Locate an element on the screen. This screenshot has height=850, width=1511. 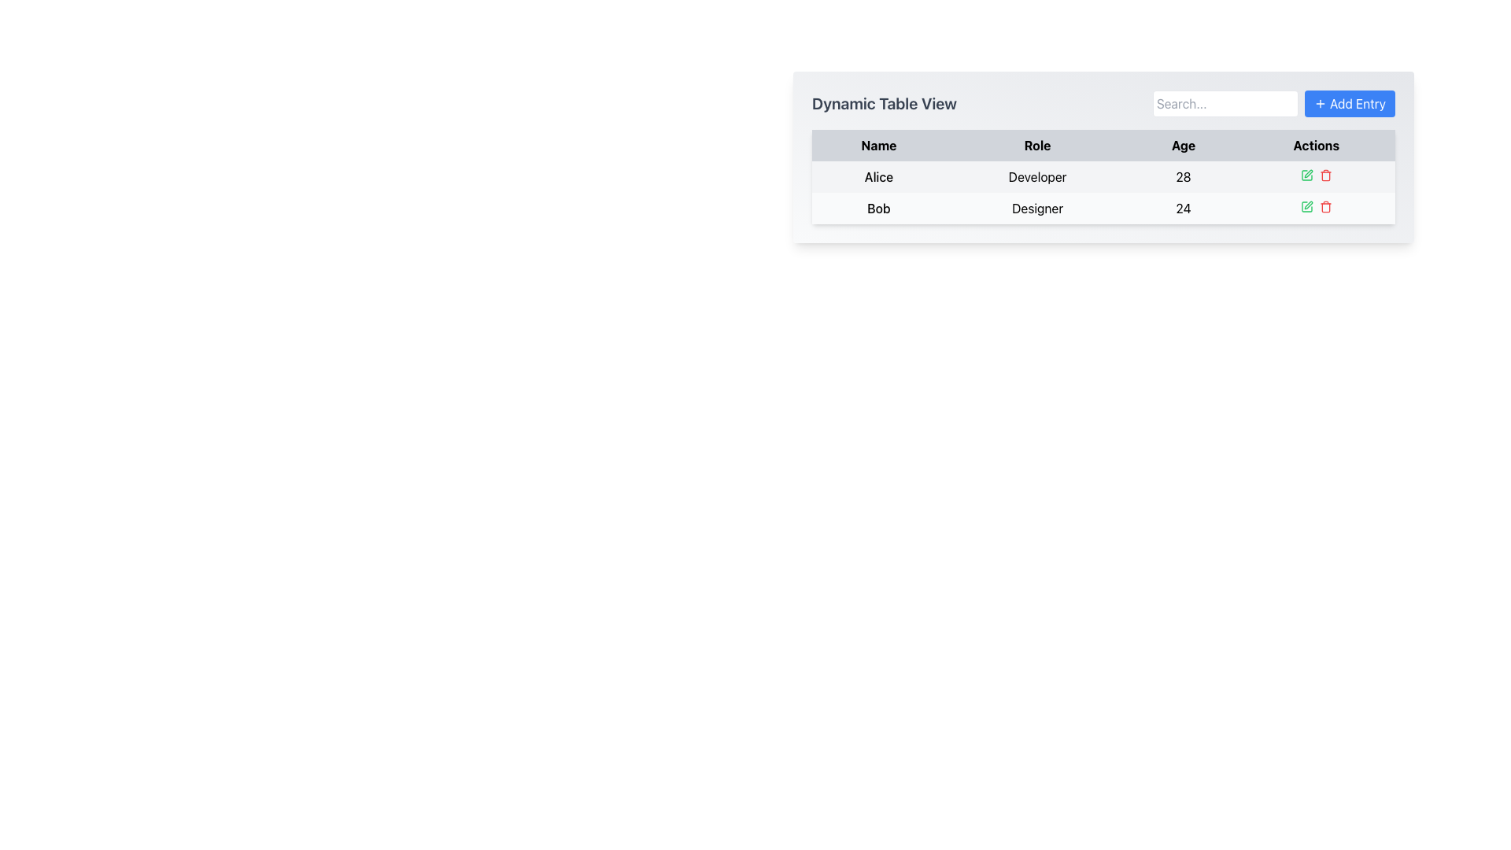
the non-interactive text element displaying Bob's age located in the second row of the table under the 'Age' column is located at coordinates (1184, 208).